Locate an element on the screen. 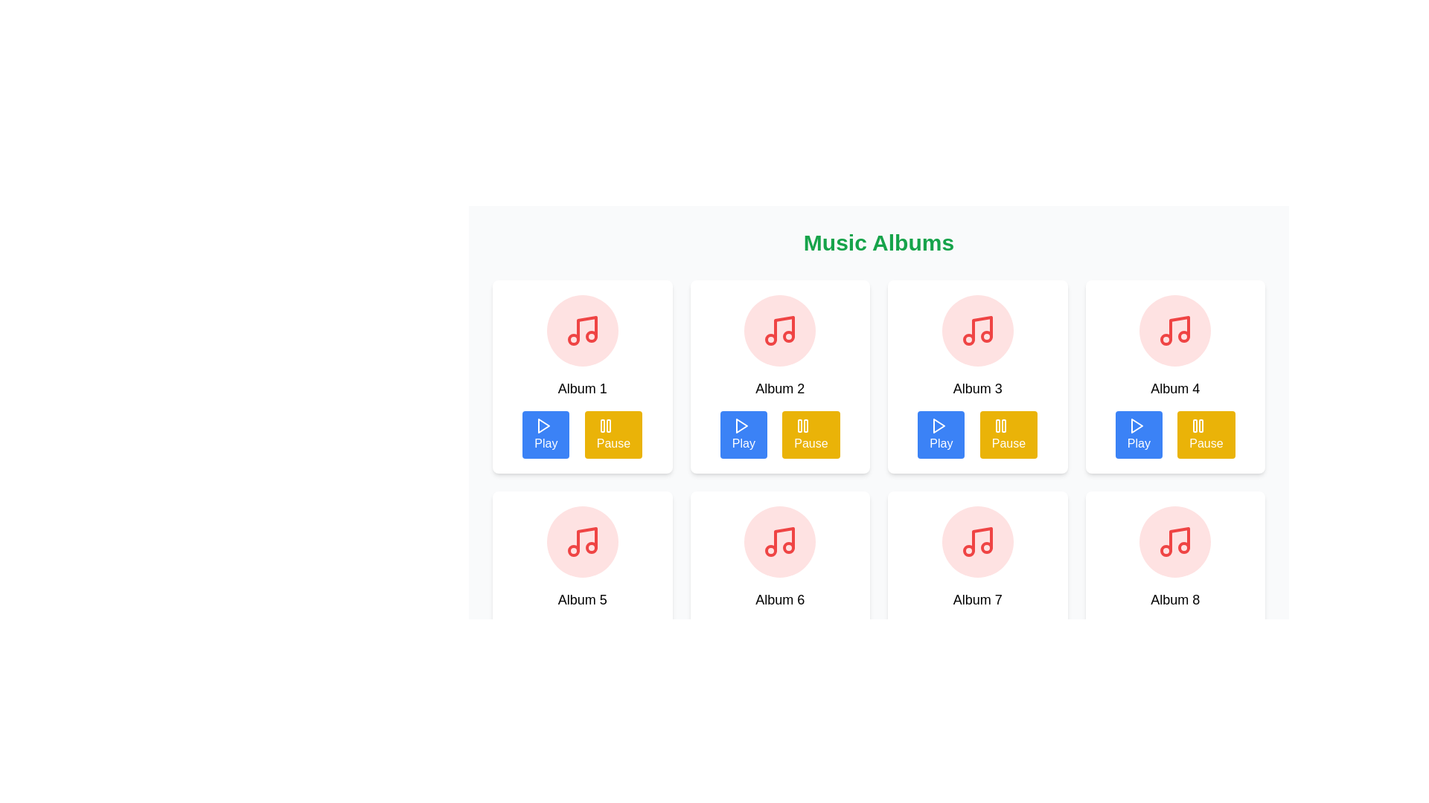 This screenshot has width=1429, height=803. the yellow 'Pause' button with rounded corners located to the right of the blue 'Play' button is located at coordinates (613, 435).